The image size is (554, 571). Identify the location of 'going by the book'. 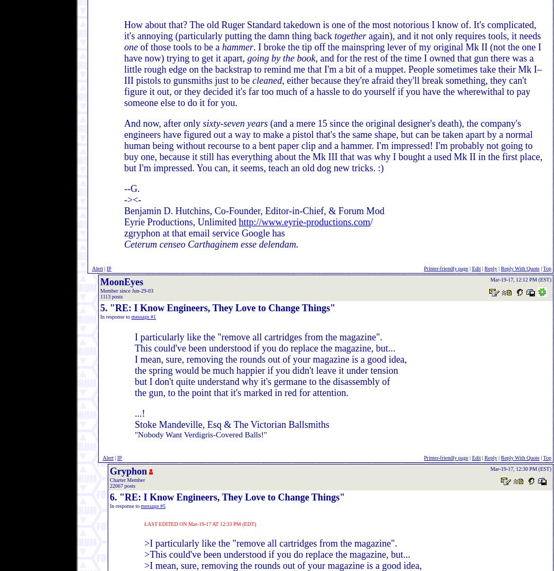
(246, 57).